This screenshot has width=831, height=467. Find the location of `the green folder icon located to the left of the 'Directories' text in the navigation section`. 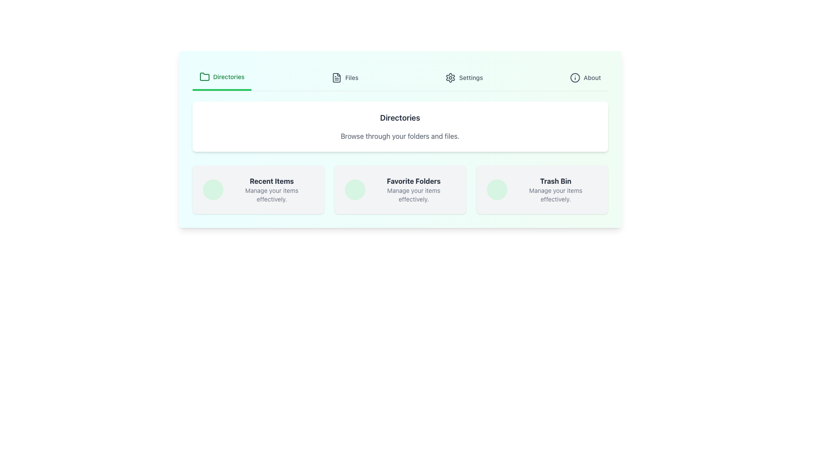

the green folder icon located to the left of the 'Directories' text in the navigation section is located at coordinates (204, 76).